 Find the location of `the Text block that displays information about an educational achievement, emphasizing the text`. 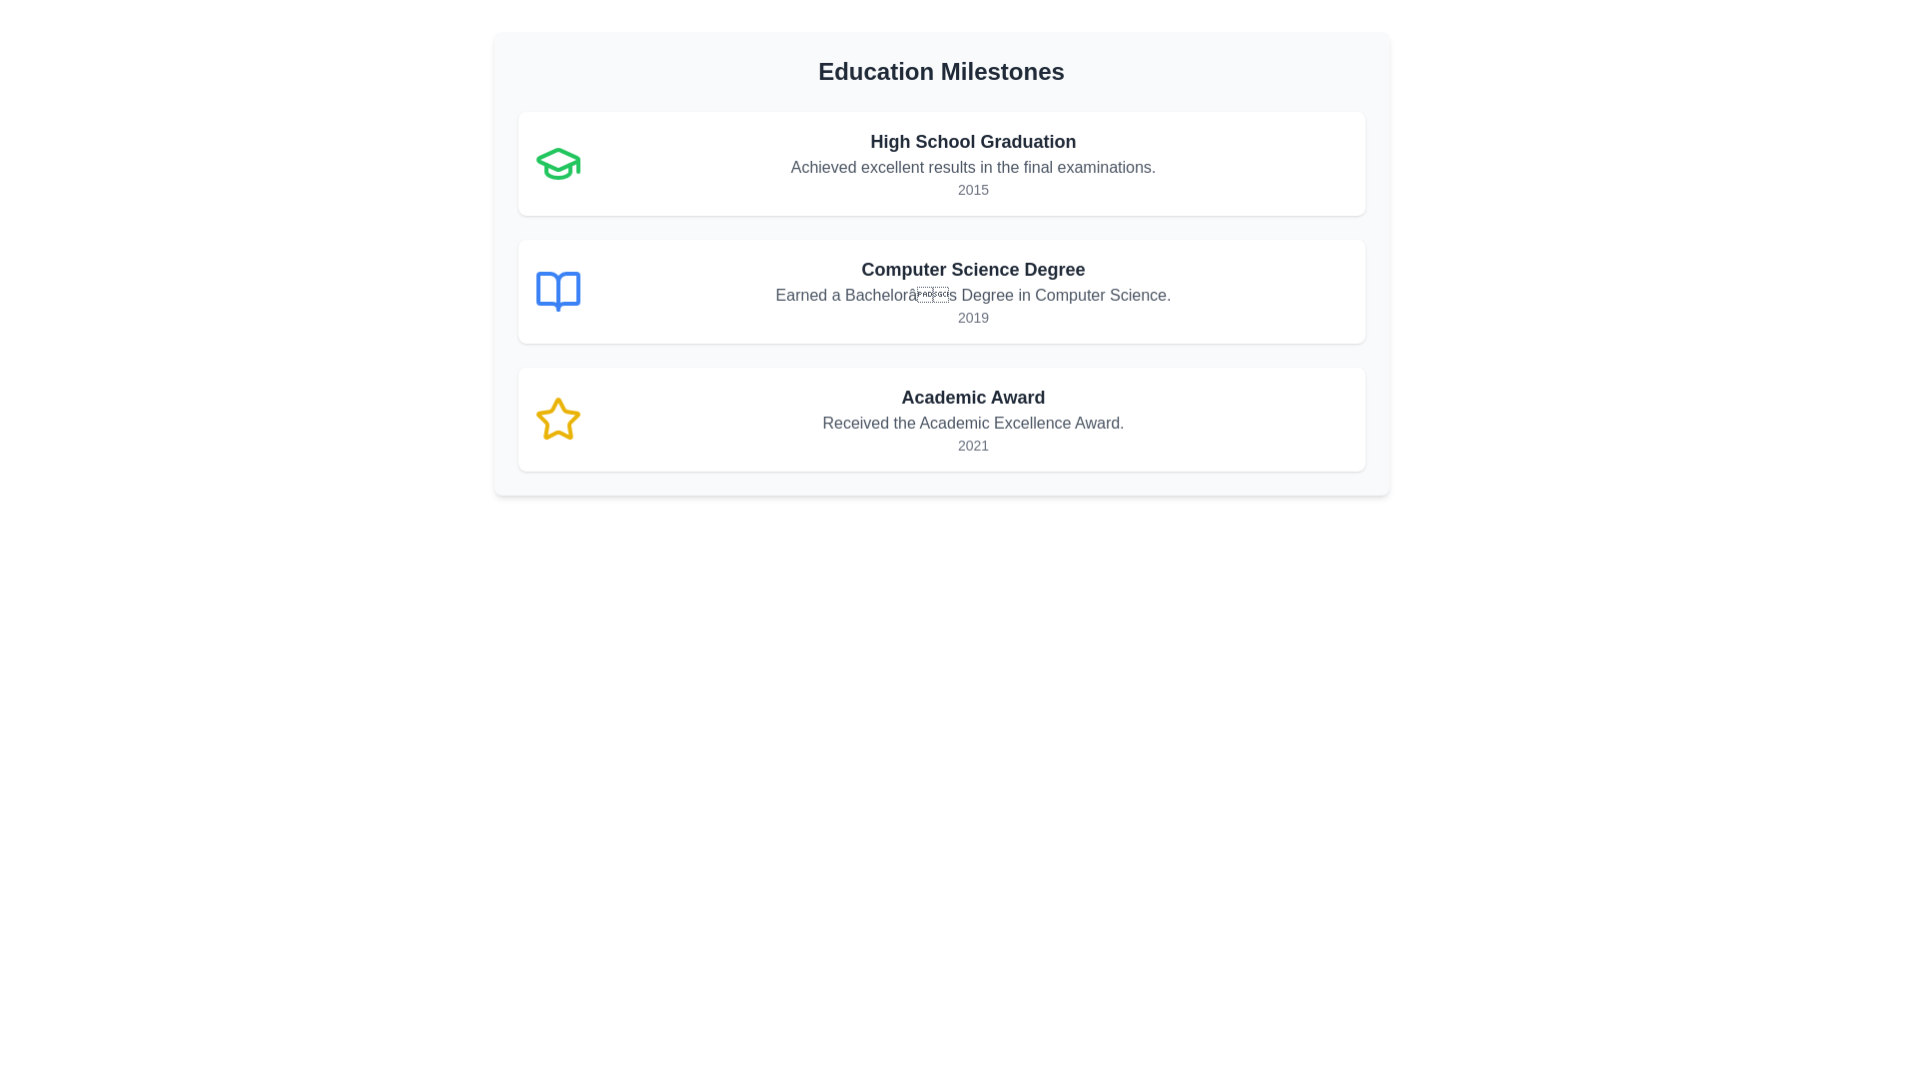

the Text block that displays information about an educational achievement, emphasizing the text is located at coordinates (973, 419).